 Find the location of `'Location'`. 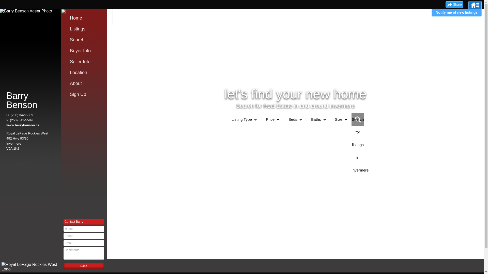

'Location' is located at coordinates (85, 72).